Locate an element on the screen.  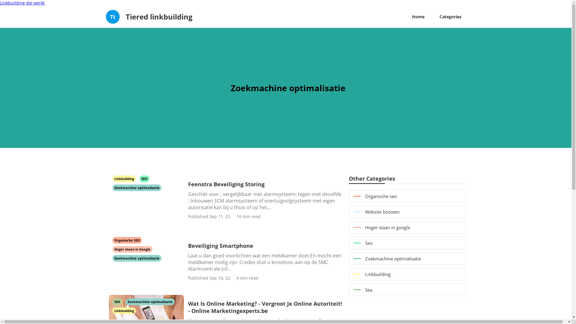
'Website boosten' is located at coordinates (407, 211).